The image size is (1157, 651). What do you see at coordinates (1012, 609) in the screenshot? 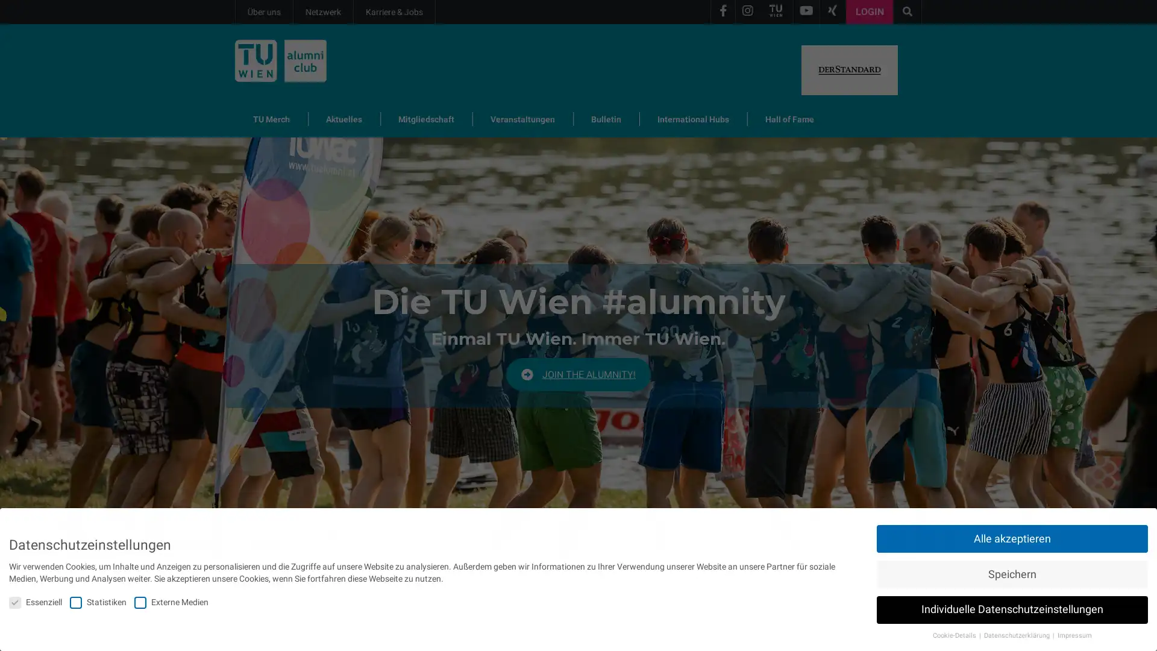
I see `Individuelle Datenschutzeinstellungen` at bounding box center [1012, 609].